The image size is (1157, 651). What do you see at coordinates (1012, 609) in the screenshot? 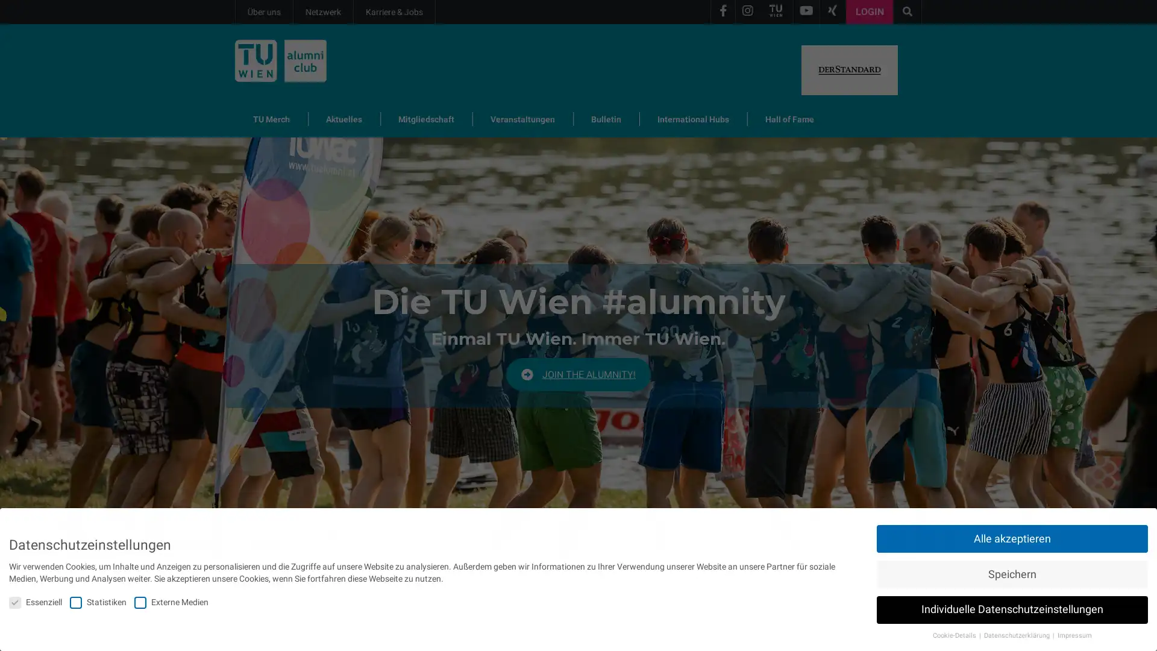
I see `Individuelle Datenschutzeinstellungen` at bounding box center [1012, 609].